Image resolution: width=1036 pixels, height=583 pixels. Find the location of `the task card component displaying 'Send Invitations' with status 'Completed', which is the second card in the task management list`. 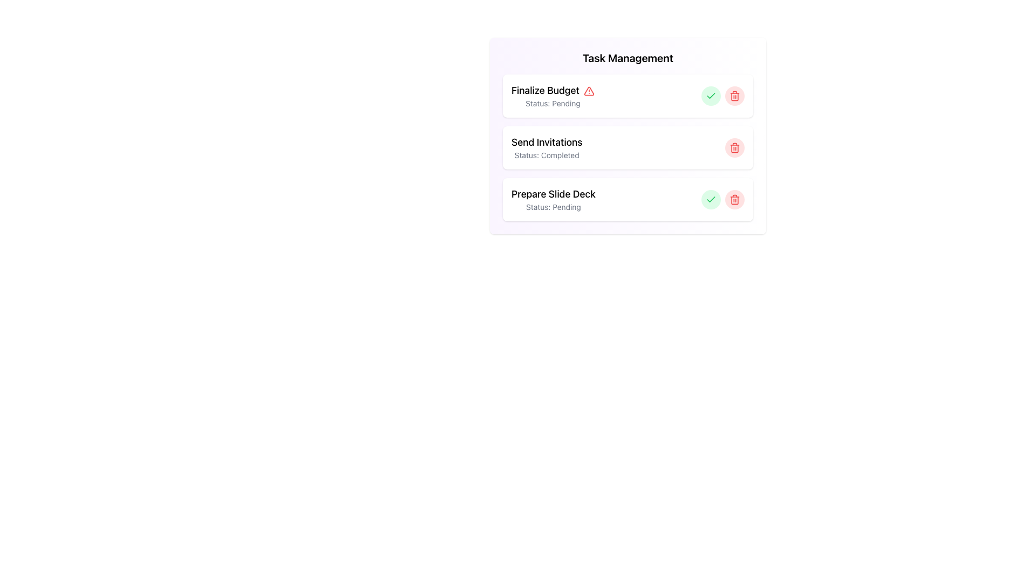

the task card component displaying 'Send Invitations' with status 'Completed', which is the second card in the task management list is located at coordinates (628, 135).